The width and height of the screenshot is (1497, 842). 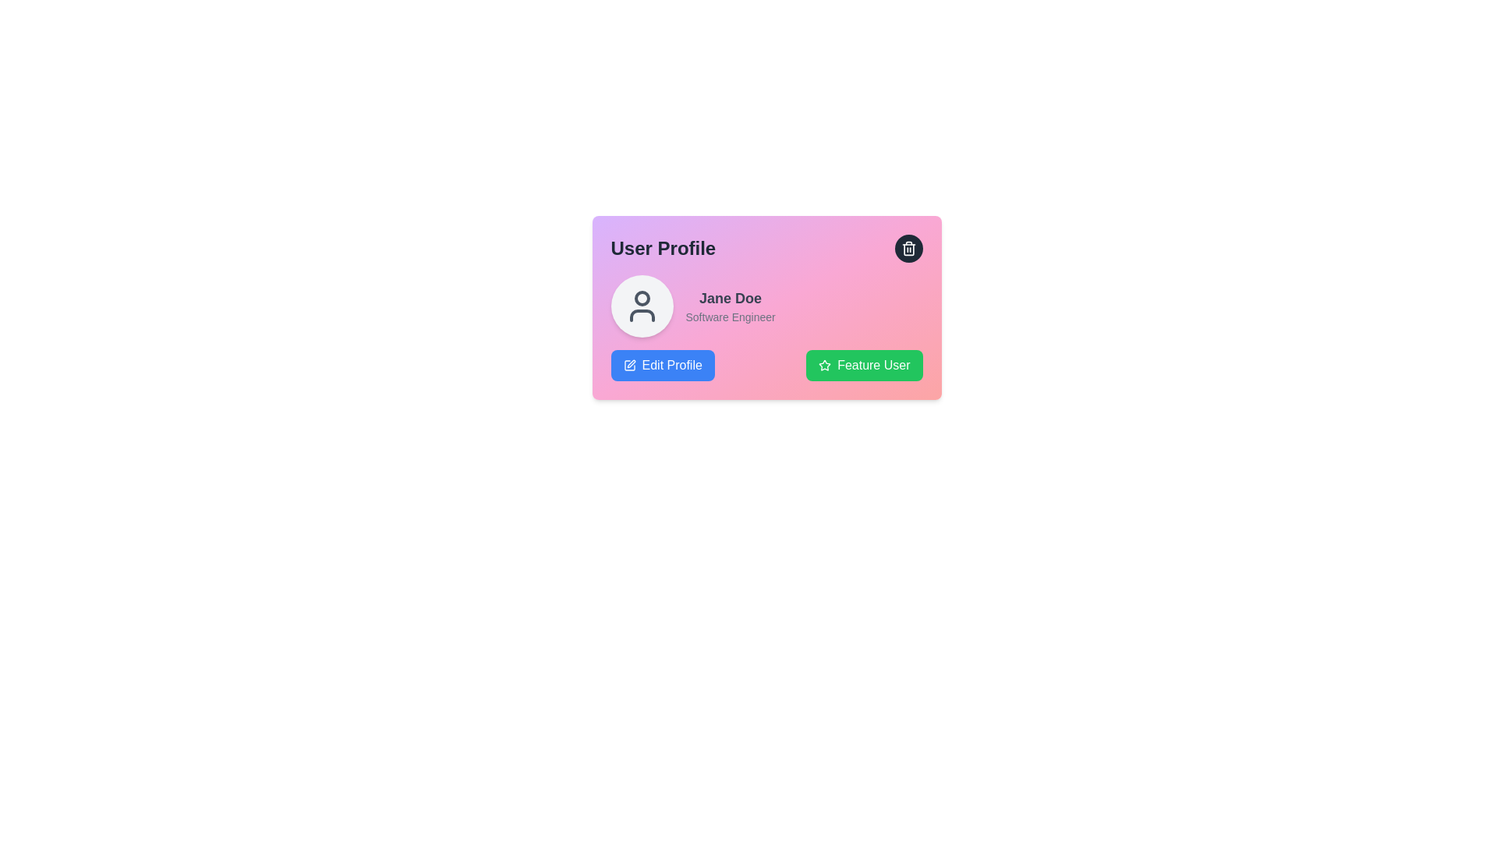 What do you see at coordinates (824, 366) in the screenshot?
I see `the star-shaped icon with a hollow outline and green background` at bounding box center [824, 366].